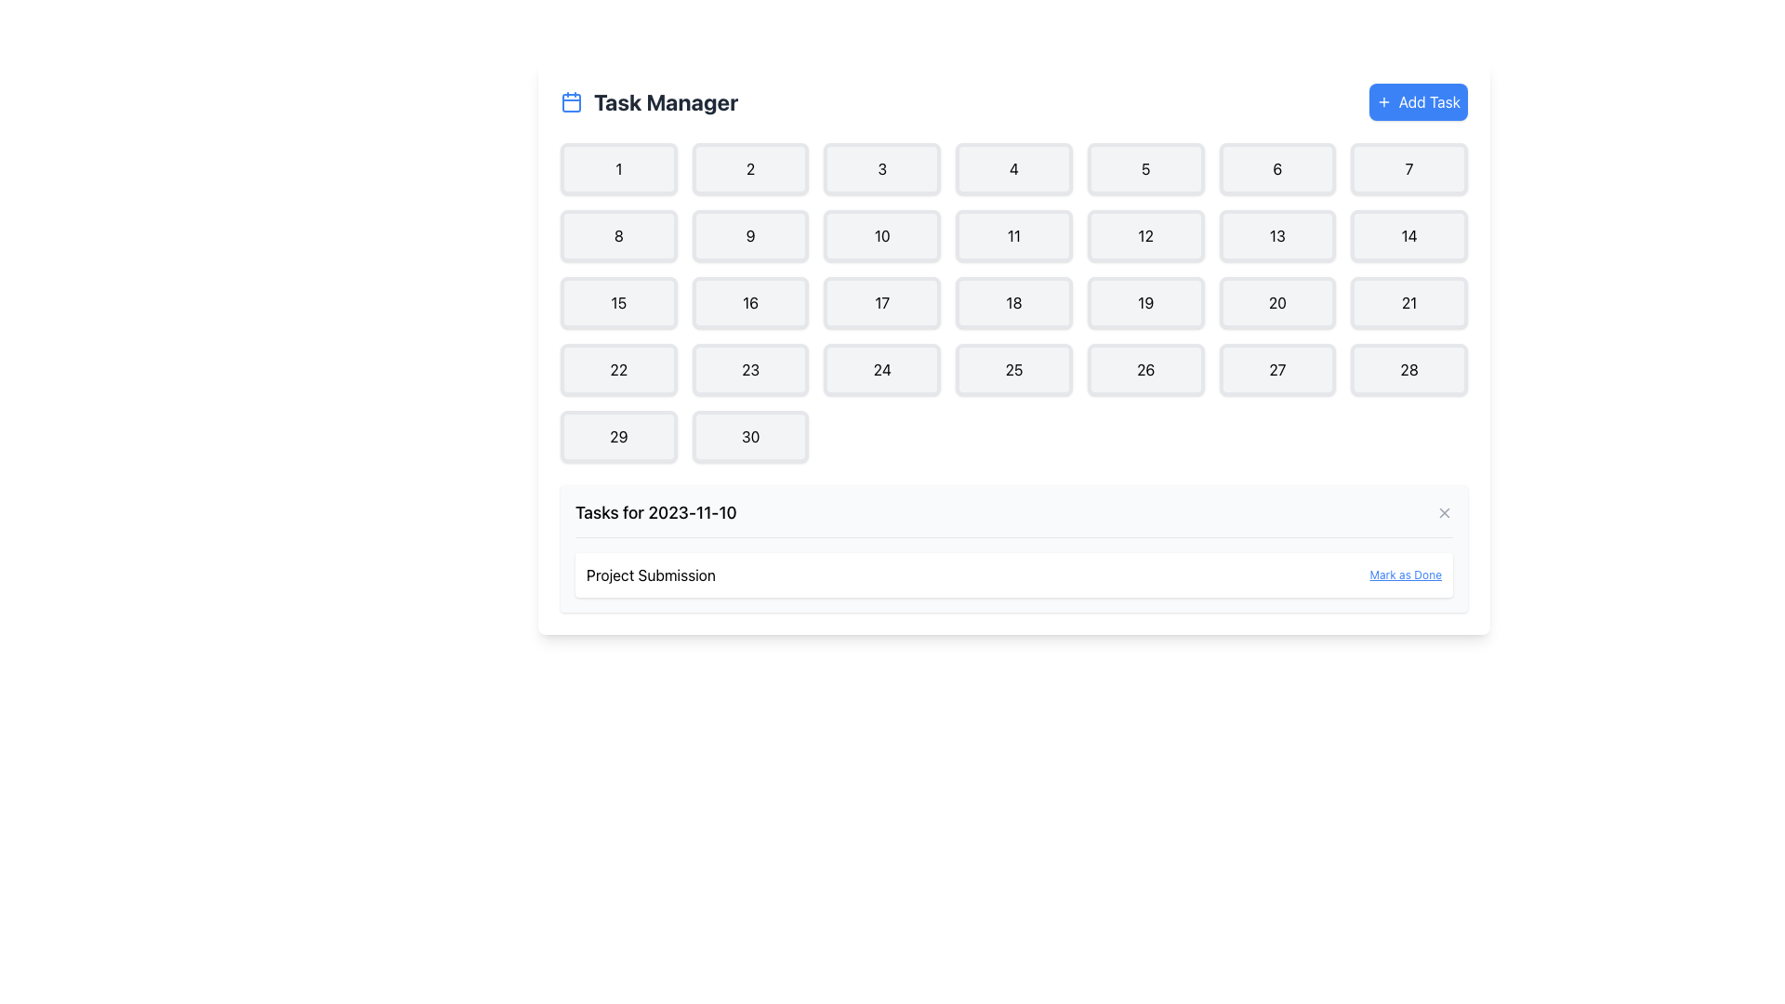  I want to click on the square button with rounded corners, displaying the text '26' in black on a light gray background, located in the fourth row and fifth column of the grid, so click(1144, 369).